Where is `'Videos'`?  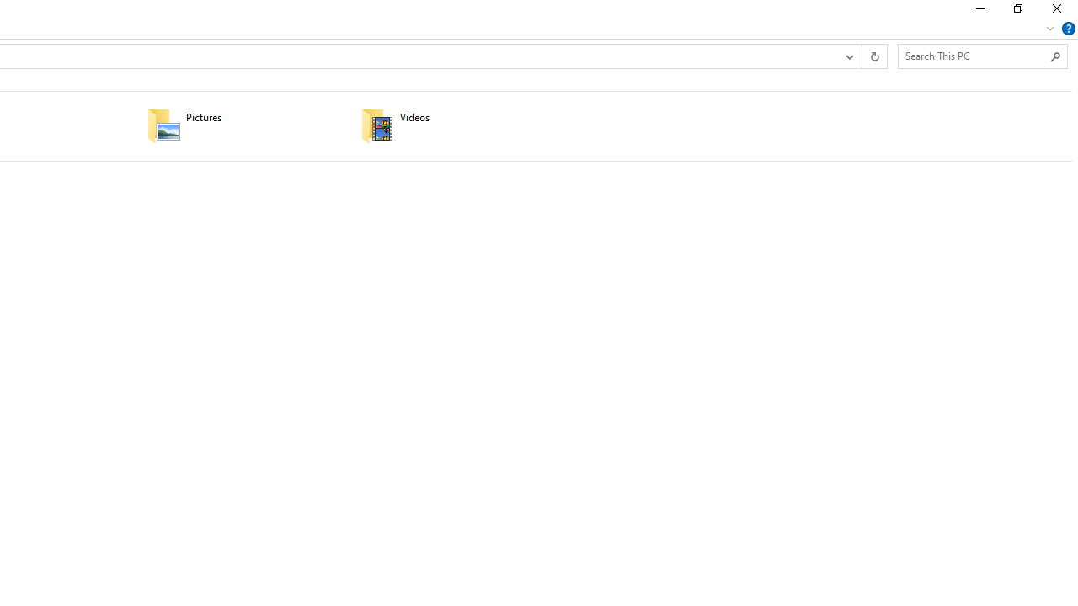
'Videos' is located at coordinates (457, 125).